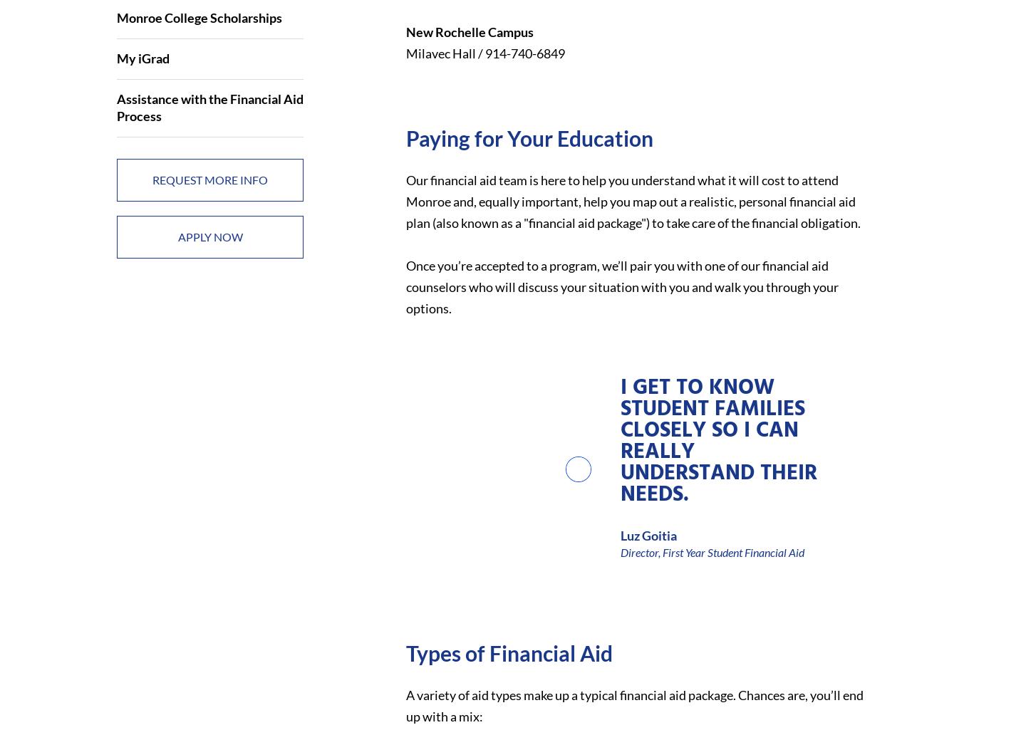 The image size is (1026, 735). I want to click on 'I get to know student families closely so I can really understand their needs.', so click(717, 440).